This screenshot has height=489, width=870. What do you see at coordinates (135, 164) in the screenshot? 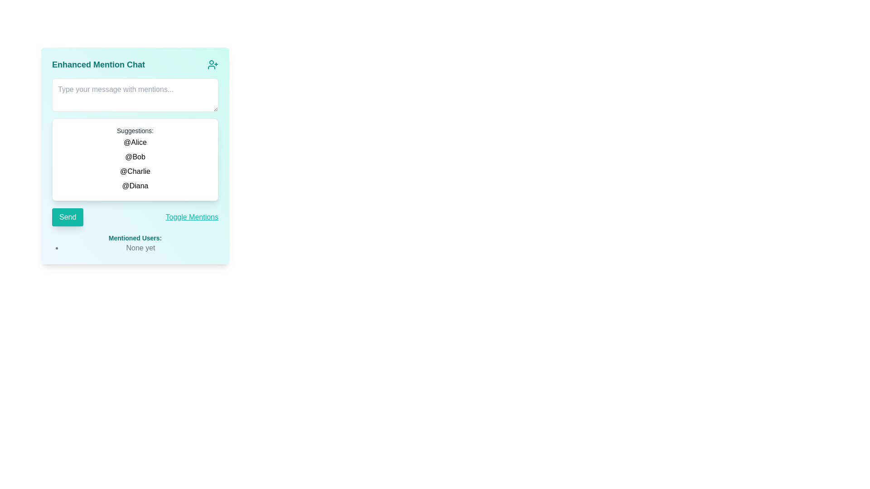
I see `the third name in the Suggestions list, which is displayed as '@Charlie', styled with a compact layout and rounded corners` at bounding box center [135, 164].